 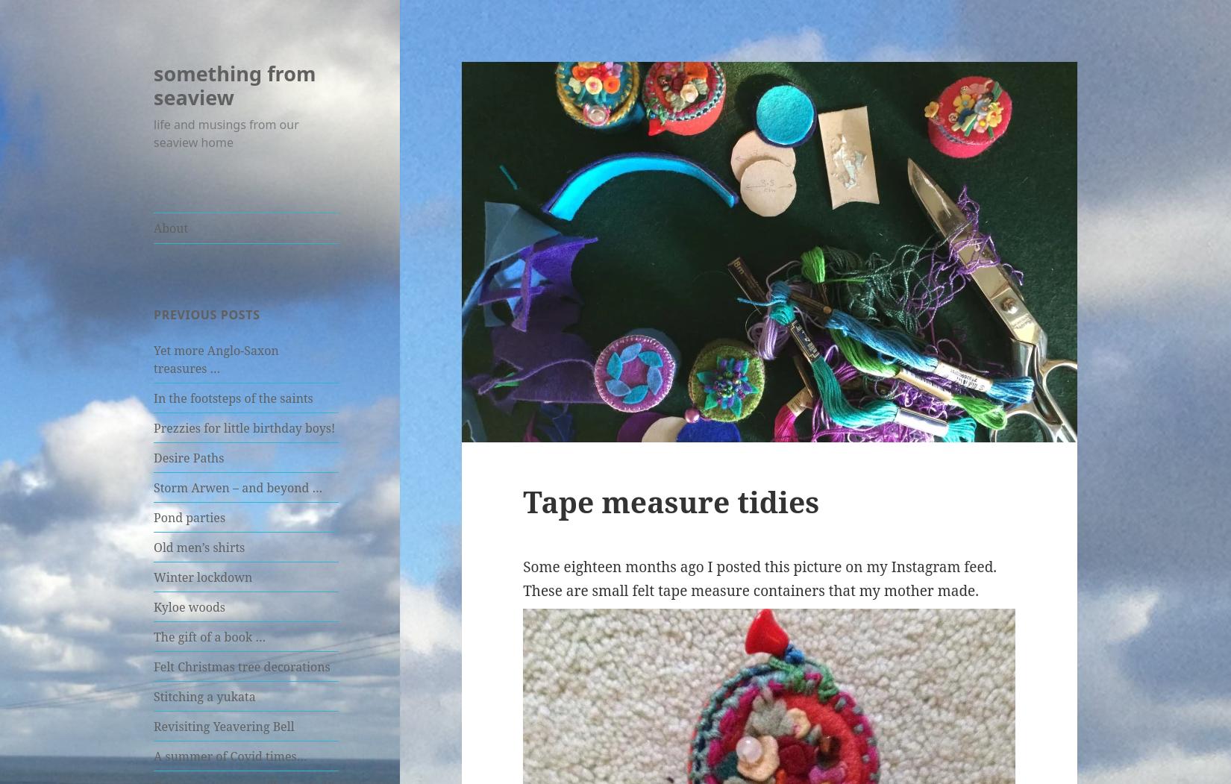 What do you see at coordinates (234, 84) in the screenshot?
I see `'something from seaview'` at bounding box center [234, 84].